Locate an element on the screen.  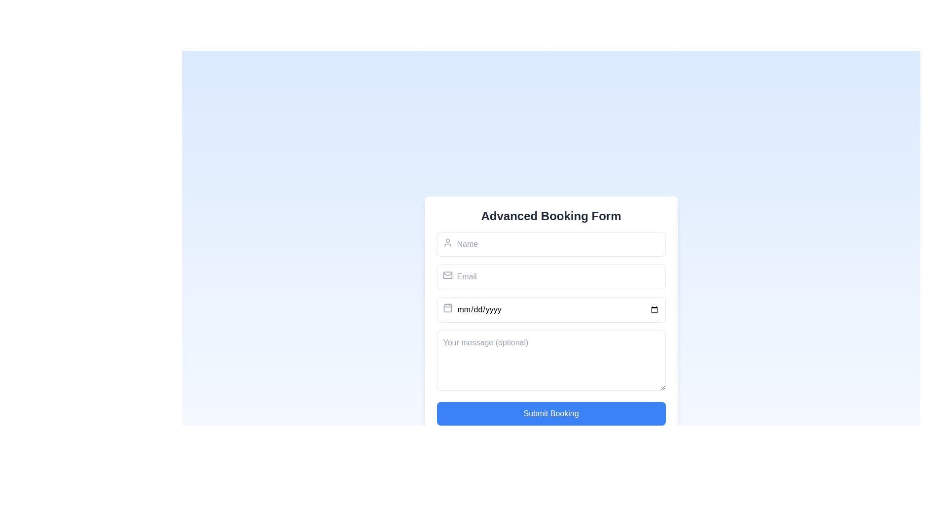
the email input field with rounded corners and a light background to focus into it is located at coordinates (550, 276).